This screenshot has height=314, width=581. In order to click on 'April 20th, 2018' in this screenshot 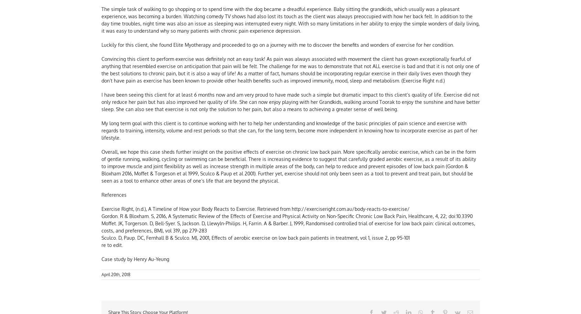, I will do `click(115, 275)`.